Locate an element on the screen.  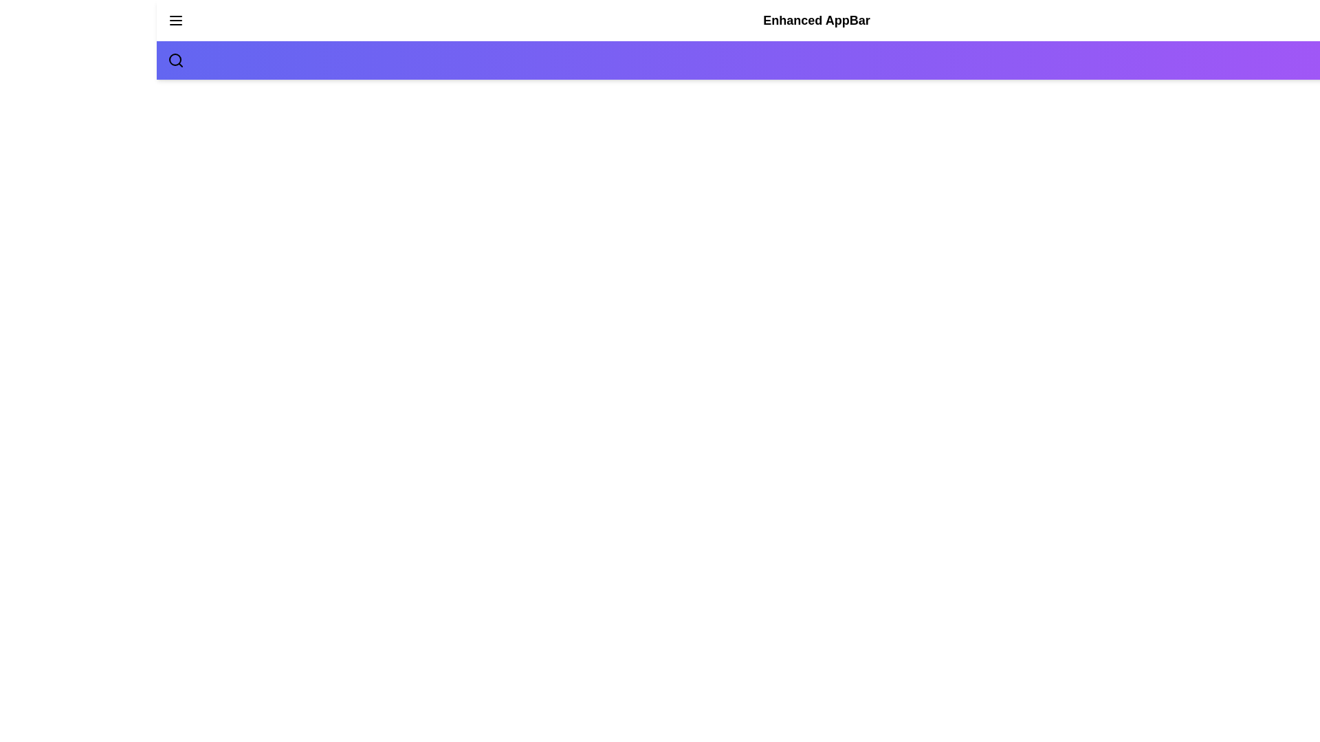
the menu button to toggle the menu visibility is located at coordinates (175, 21).